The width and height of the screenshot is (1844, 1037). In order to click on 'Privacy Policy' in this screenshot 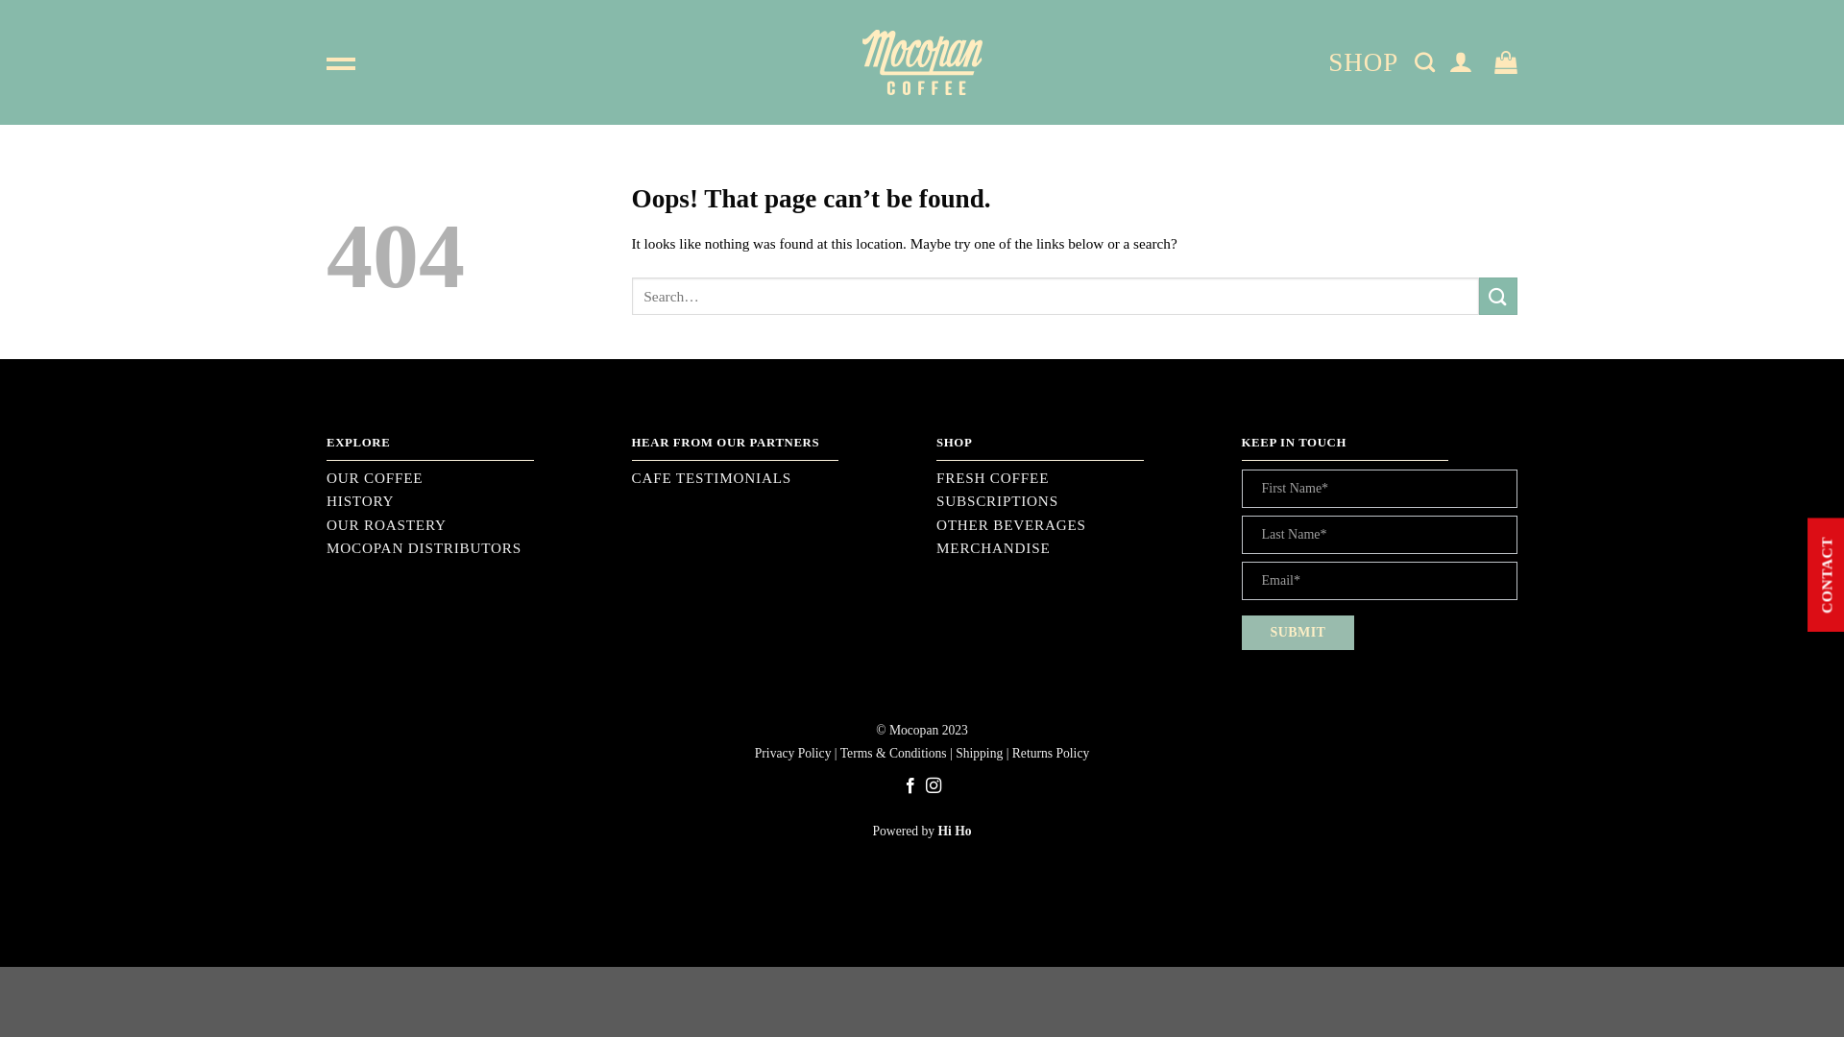, I will do `click(792, 752)`.